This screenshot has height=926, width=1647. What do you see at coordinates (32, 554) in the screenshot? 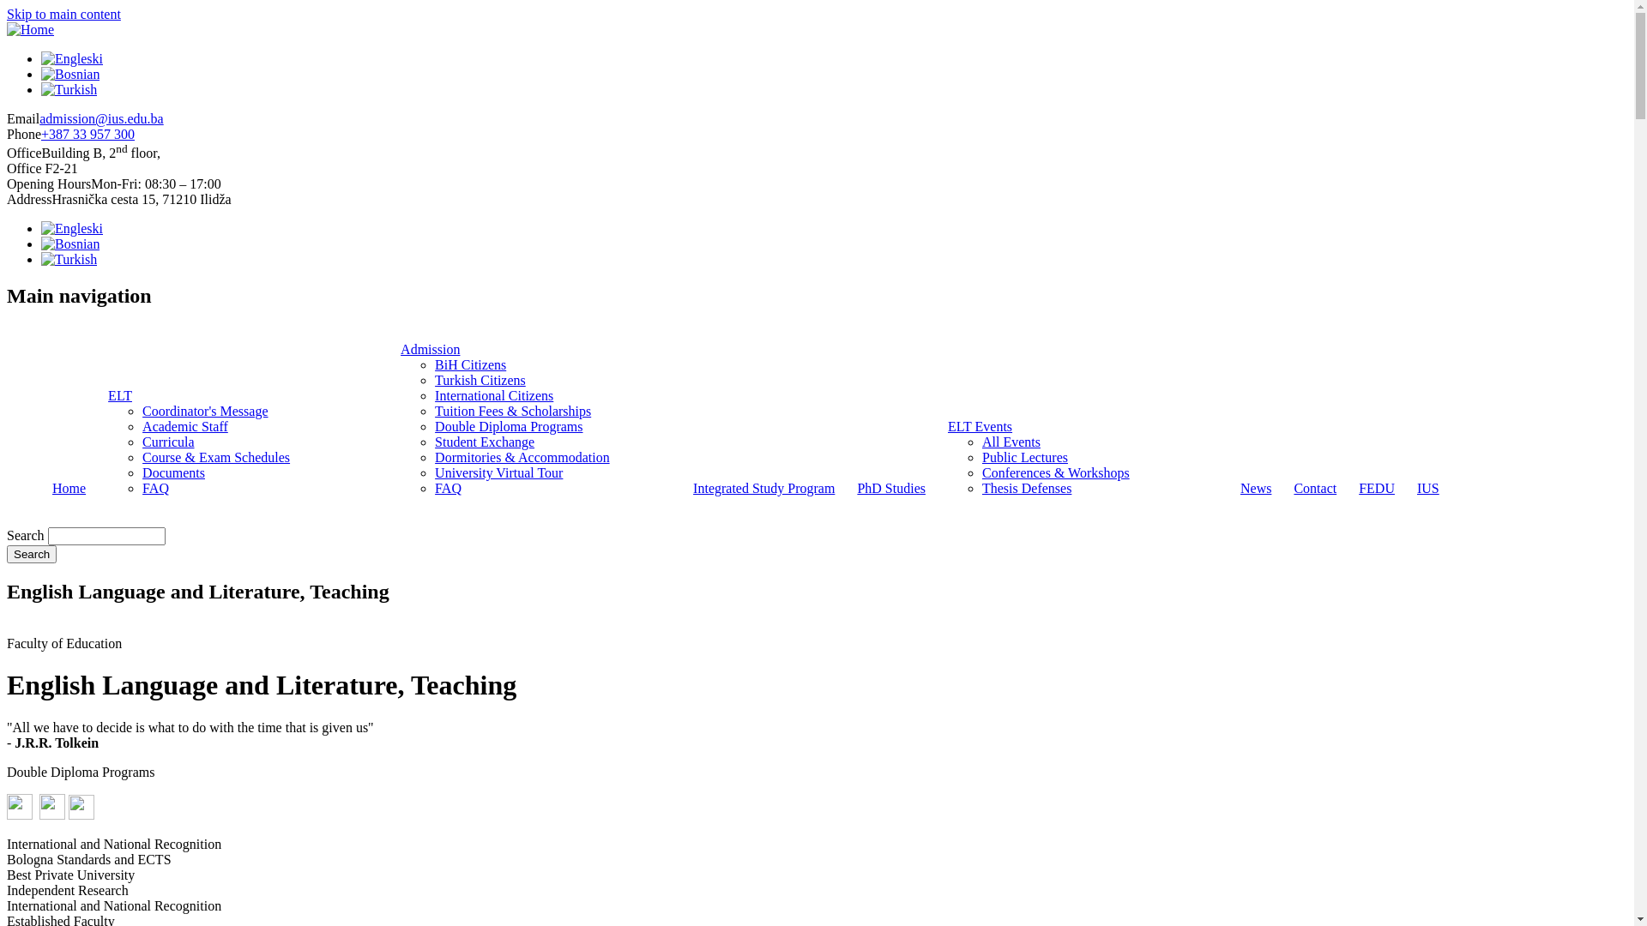
I see `'Search'` at bounding box center [32, 554].